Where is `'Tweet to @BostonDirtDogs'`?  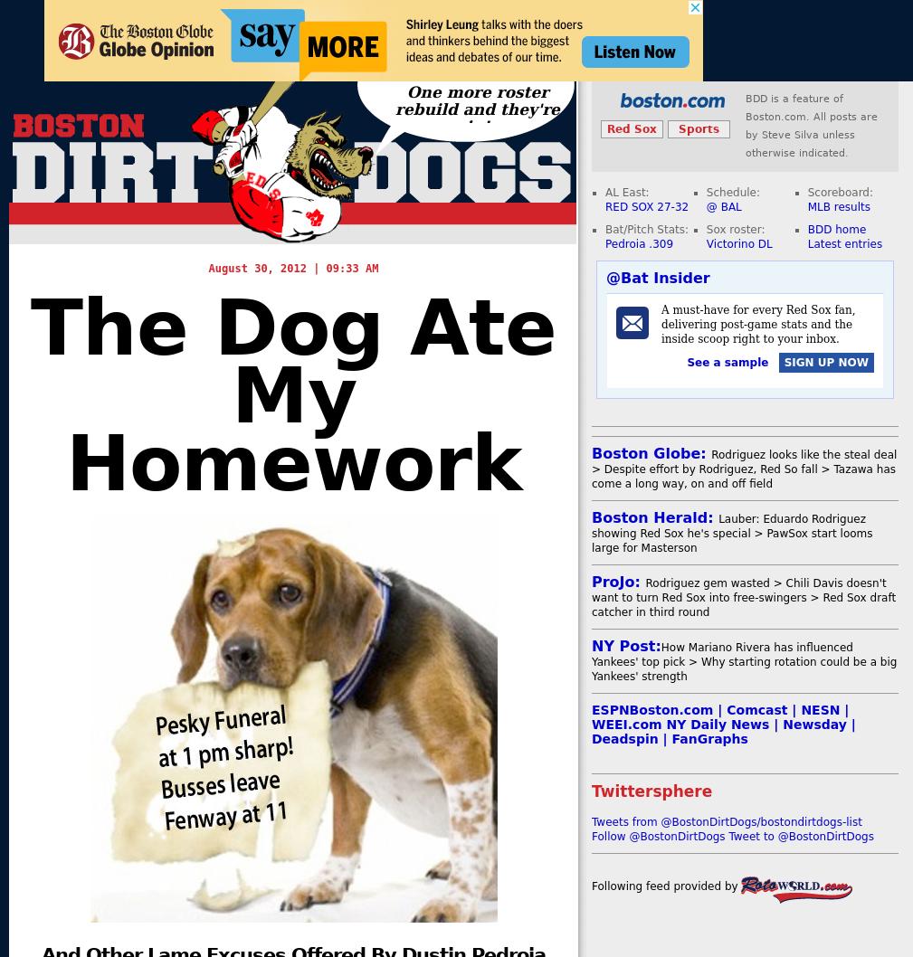
'Tweet to @BostonDirtDogs' is located at coordinates (800, 837).